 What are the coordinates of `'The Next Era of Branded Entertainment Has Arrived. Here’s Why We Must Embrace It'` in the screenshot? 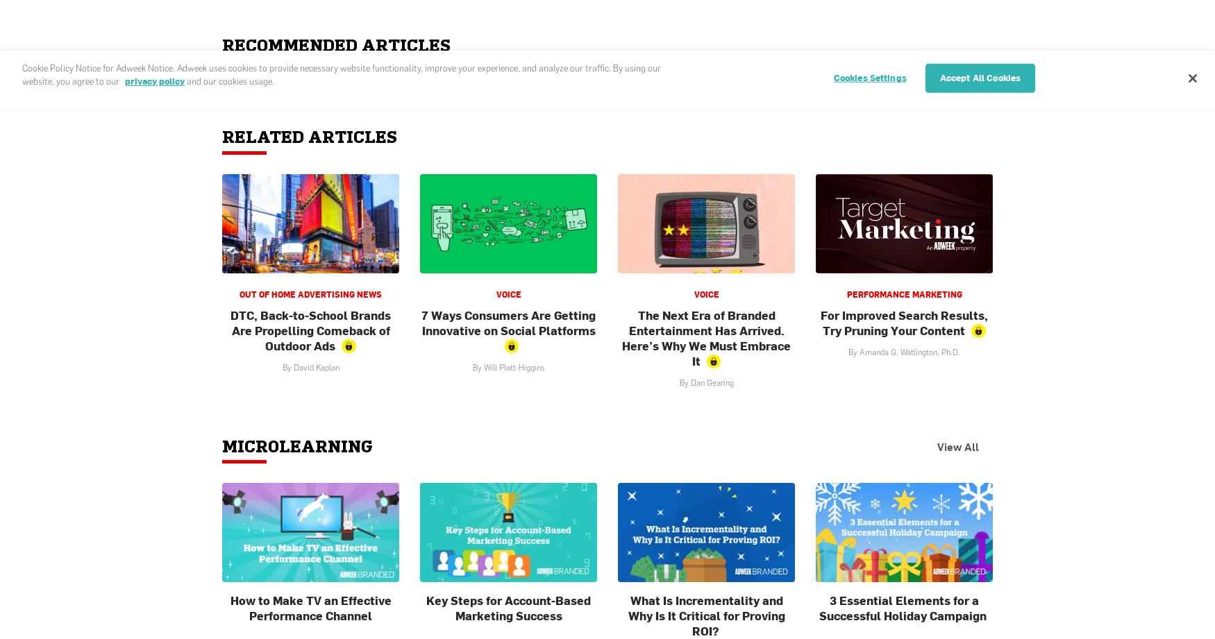 It's located at (705, 336).